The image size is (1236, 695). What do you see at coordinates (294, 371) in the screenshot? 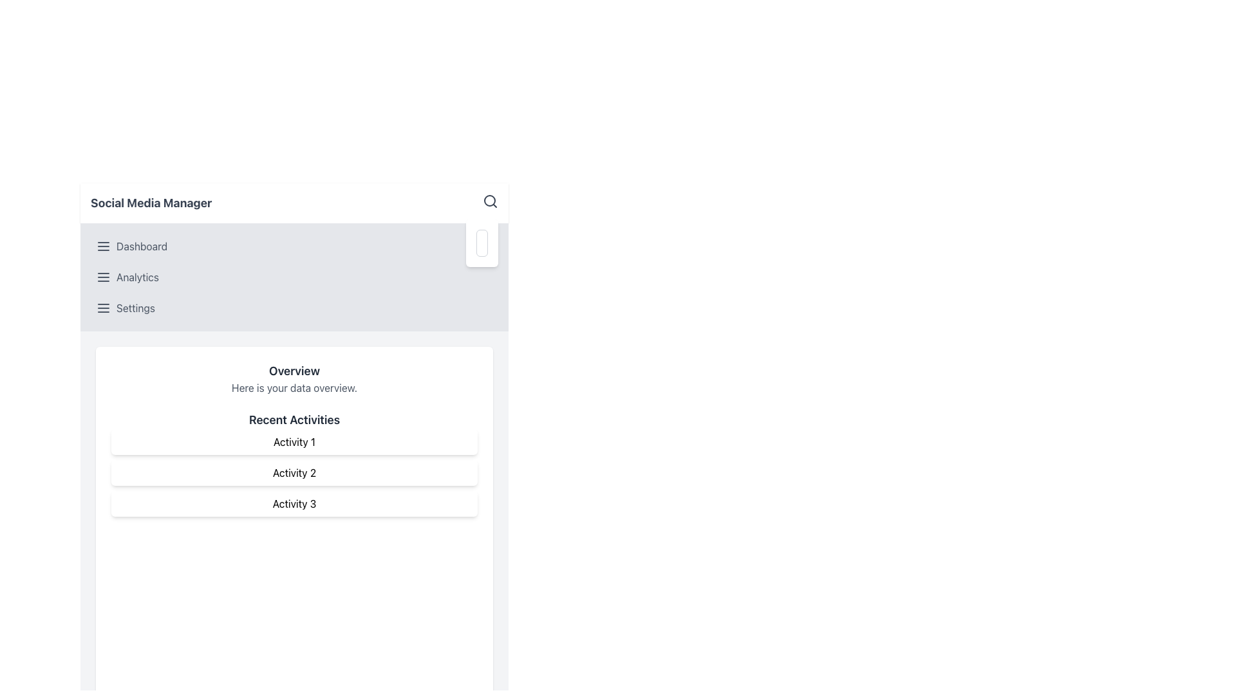
I see `text label displaying 'Overview' which is a prominent header in bold typography located at the top of the content section` at bounding box center [294, 371].